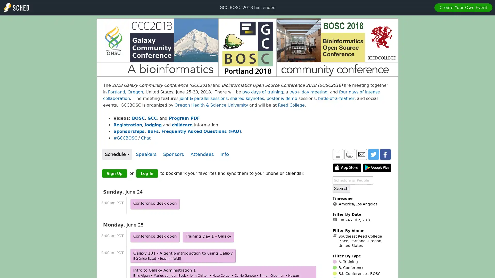 Image resolution: width=495 pixels, height=278 pixels. I want to click on Search, so click(341, 188).